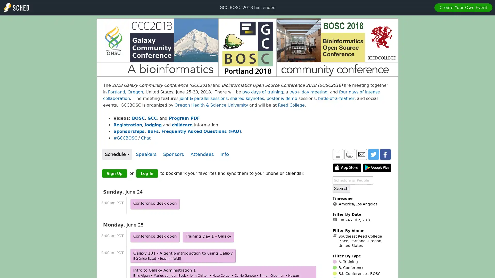 Image resolution: width=495 pixels, height=278 pixels. I want to click on Search, so click(341, 188).